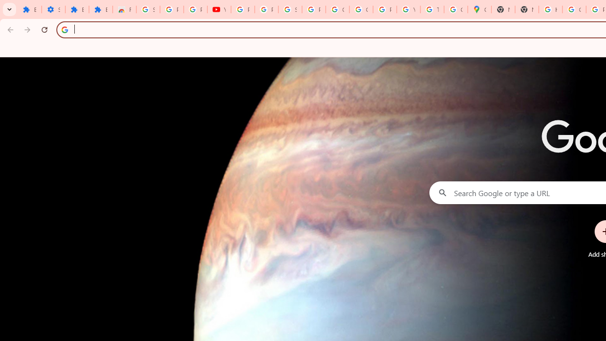  I want to click on 'Settings', so click(53, 9).